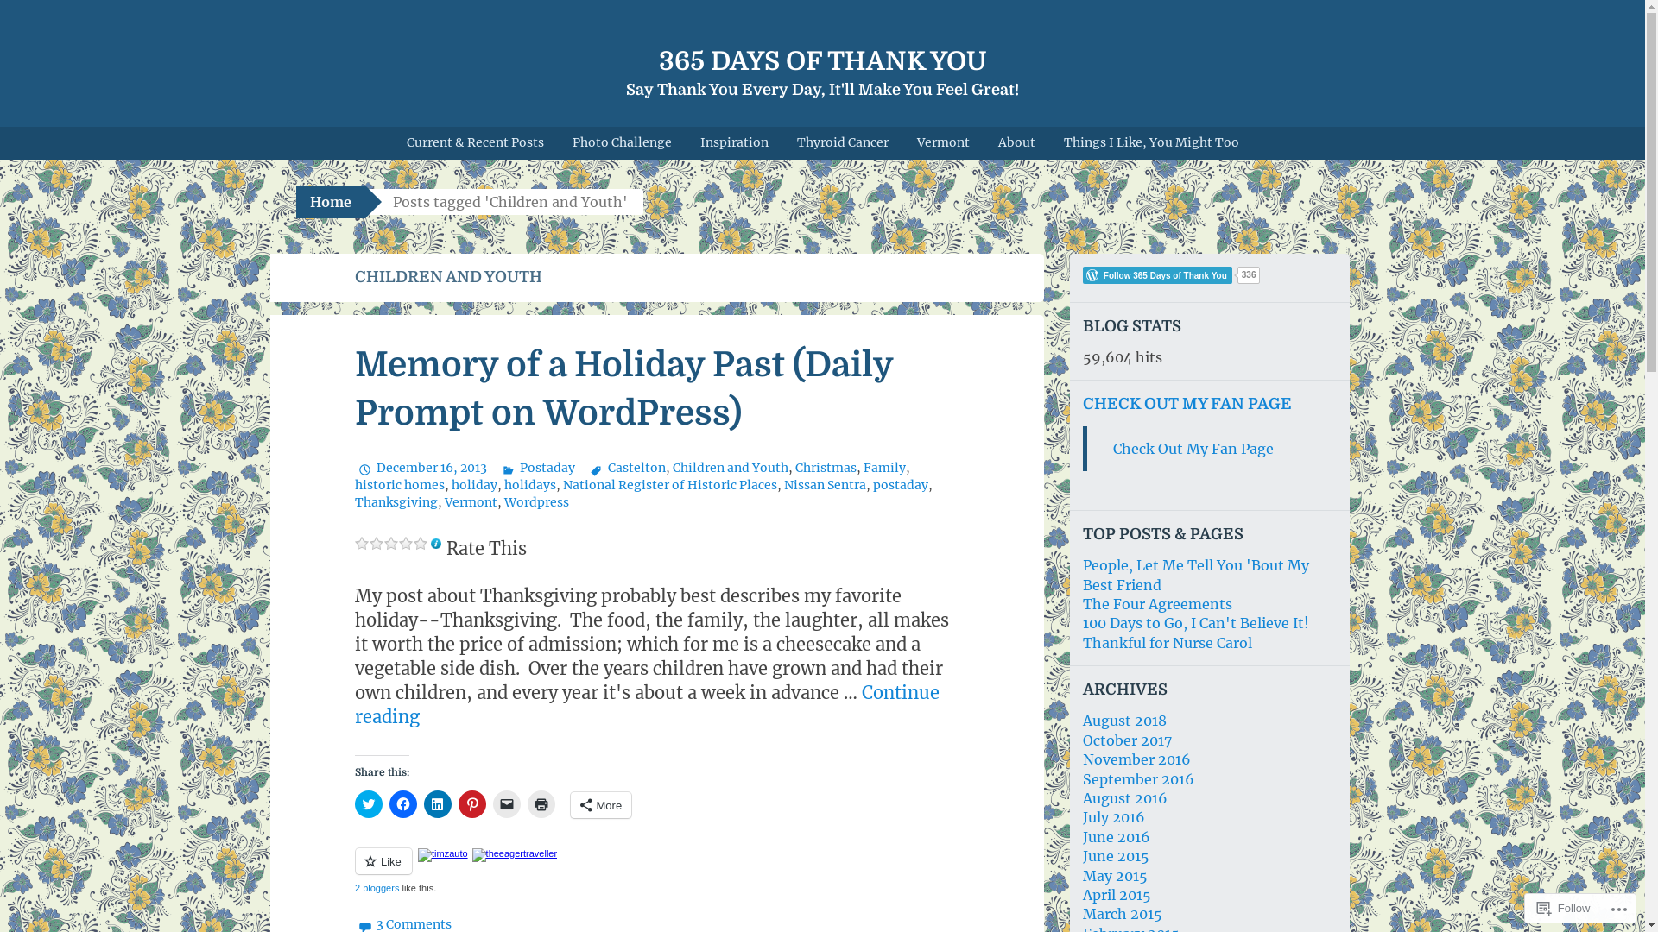 This screenshot has width=1658, height=932. I want to click on 'April 2015', so click(1117, 894).